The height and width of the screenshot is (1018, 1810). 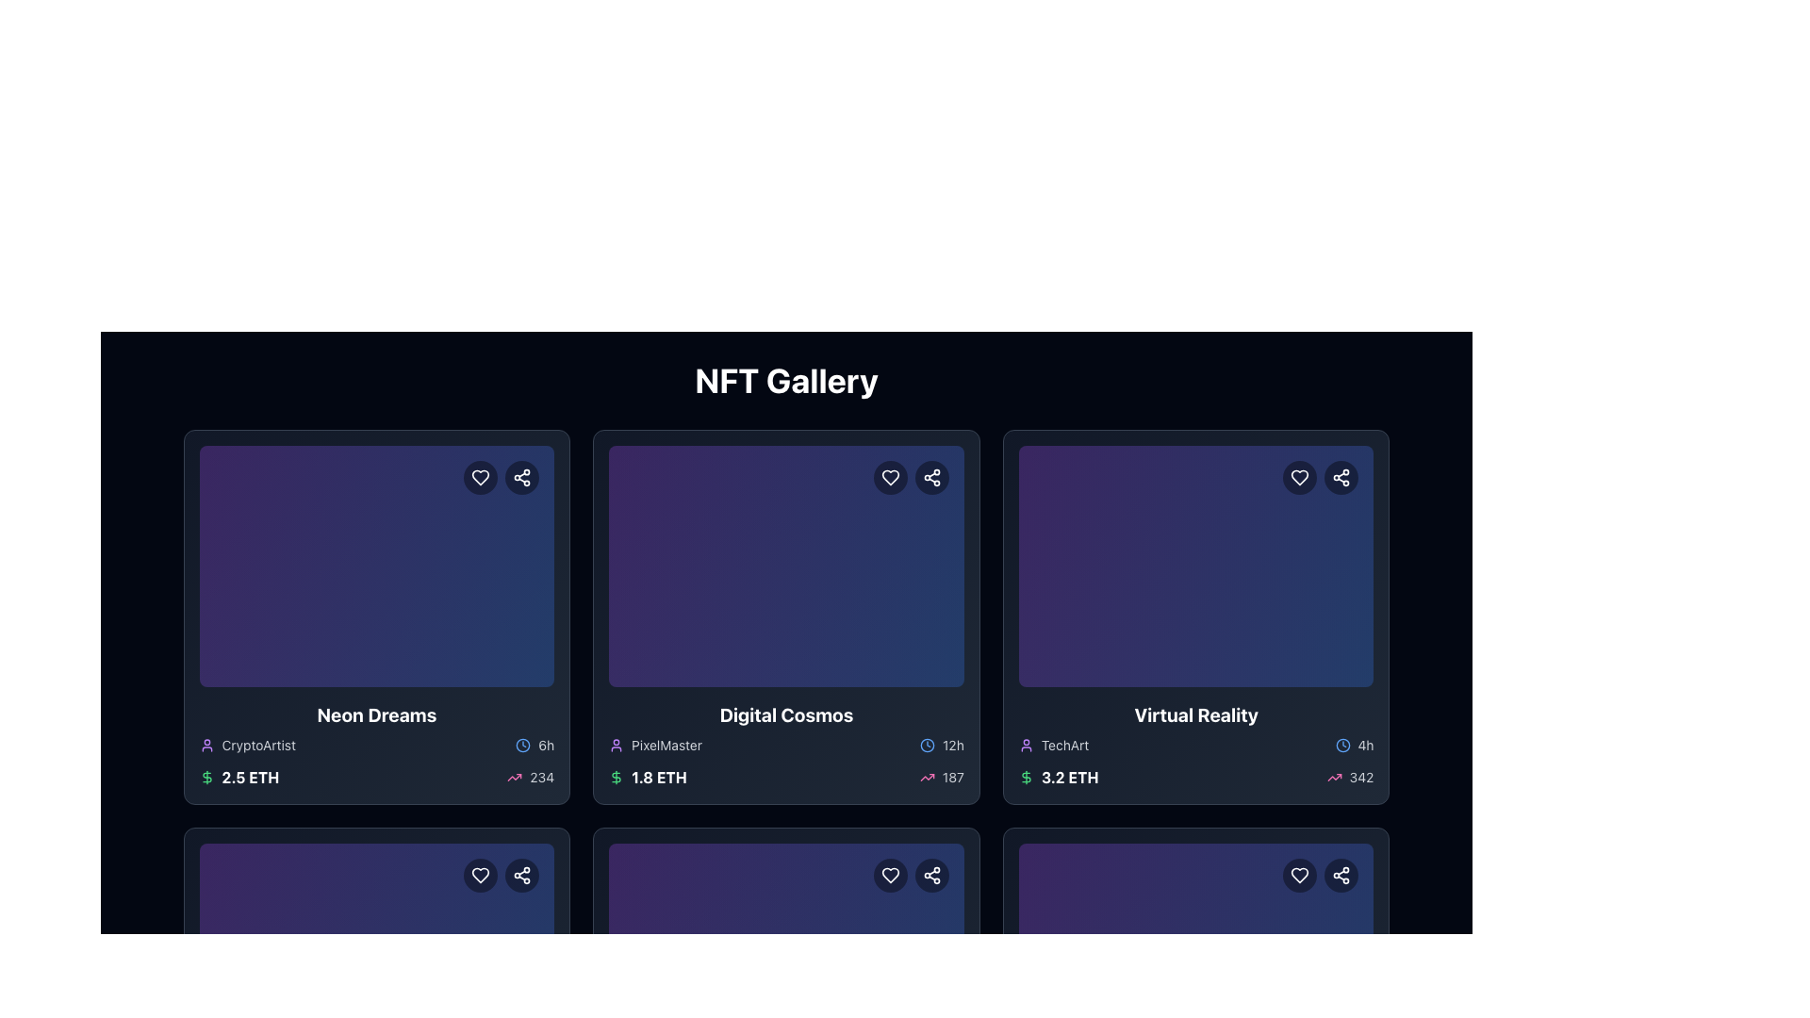 I want to click on the upward-trending line graph icon, which is a small pink vector-based icon located at the bottom right of the 'Neon Dreams' card, so click(x=515, y=778).